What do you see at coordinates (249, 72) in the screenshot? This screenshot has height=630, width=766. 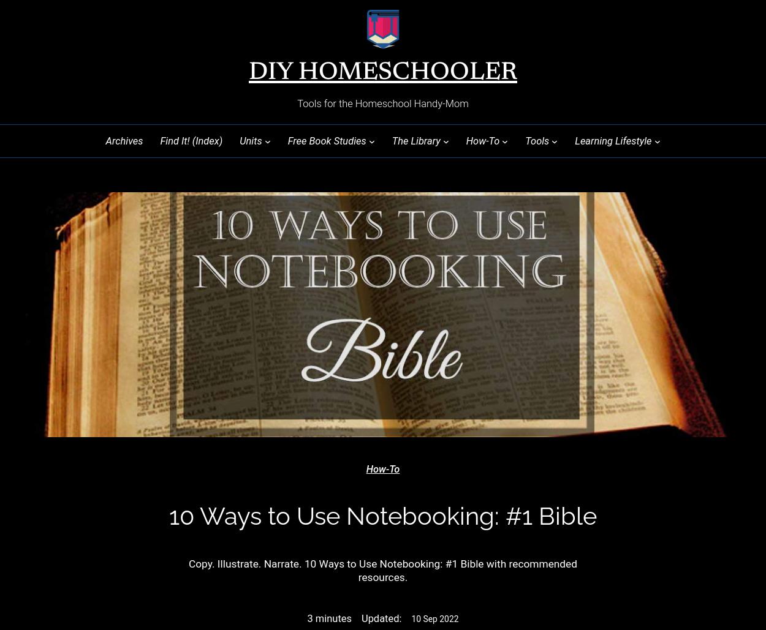 I see `'DIY Homeschooler'` at bounding box center [249, 72].